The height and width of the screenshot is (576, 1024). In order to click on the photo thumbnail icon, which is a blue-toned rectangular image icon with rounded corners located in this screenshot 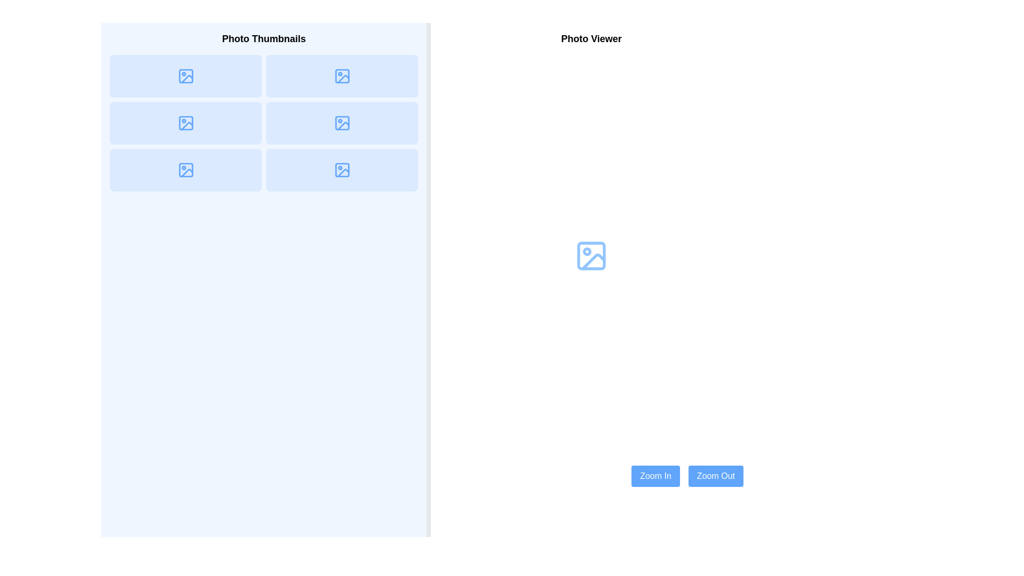, I will do `click(342, 75)`.